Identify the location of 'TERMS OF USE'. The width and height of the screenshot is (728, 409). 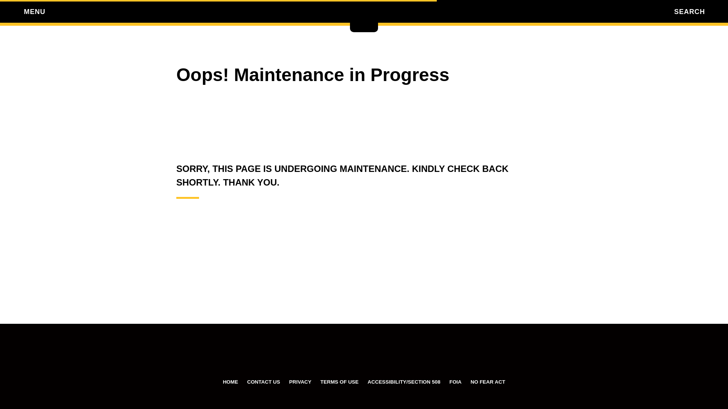
(339, 382).